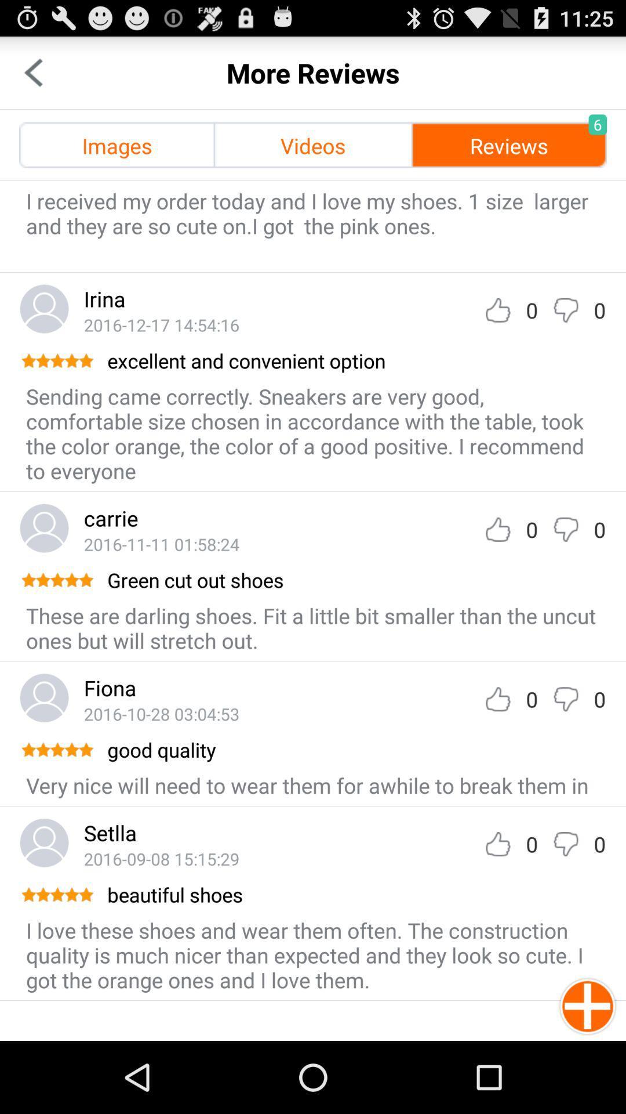 This screenshot has height=1114, width=626. I want to click on thumb up, so click(497, 310).